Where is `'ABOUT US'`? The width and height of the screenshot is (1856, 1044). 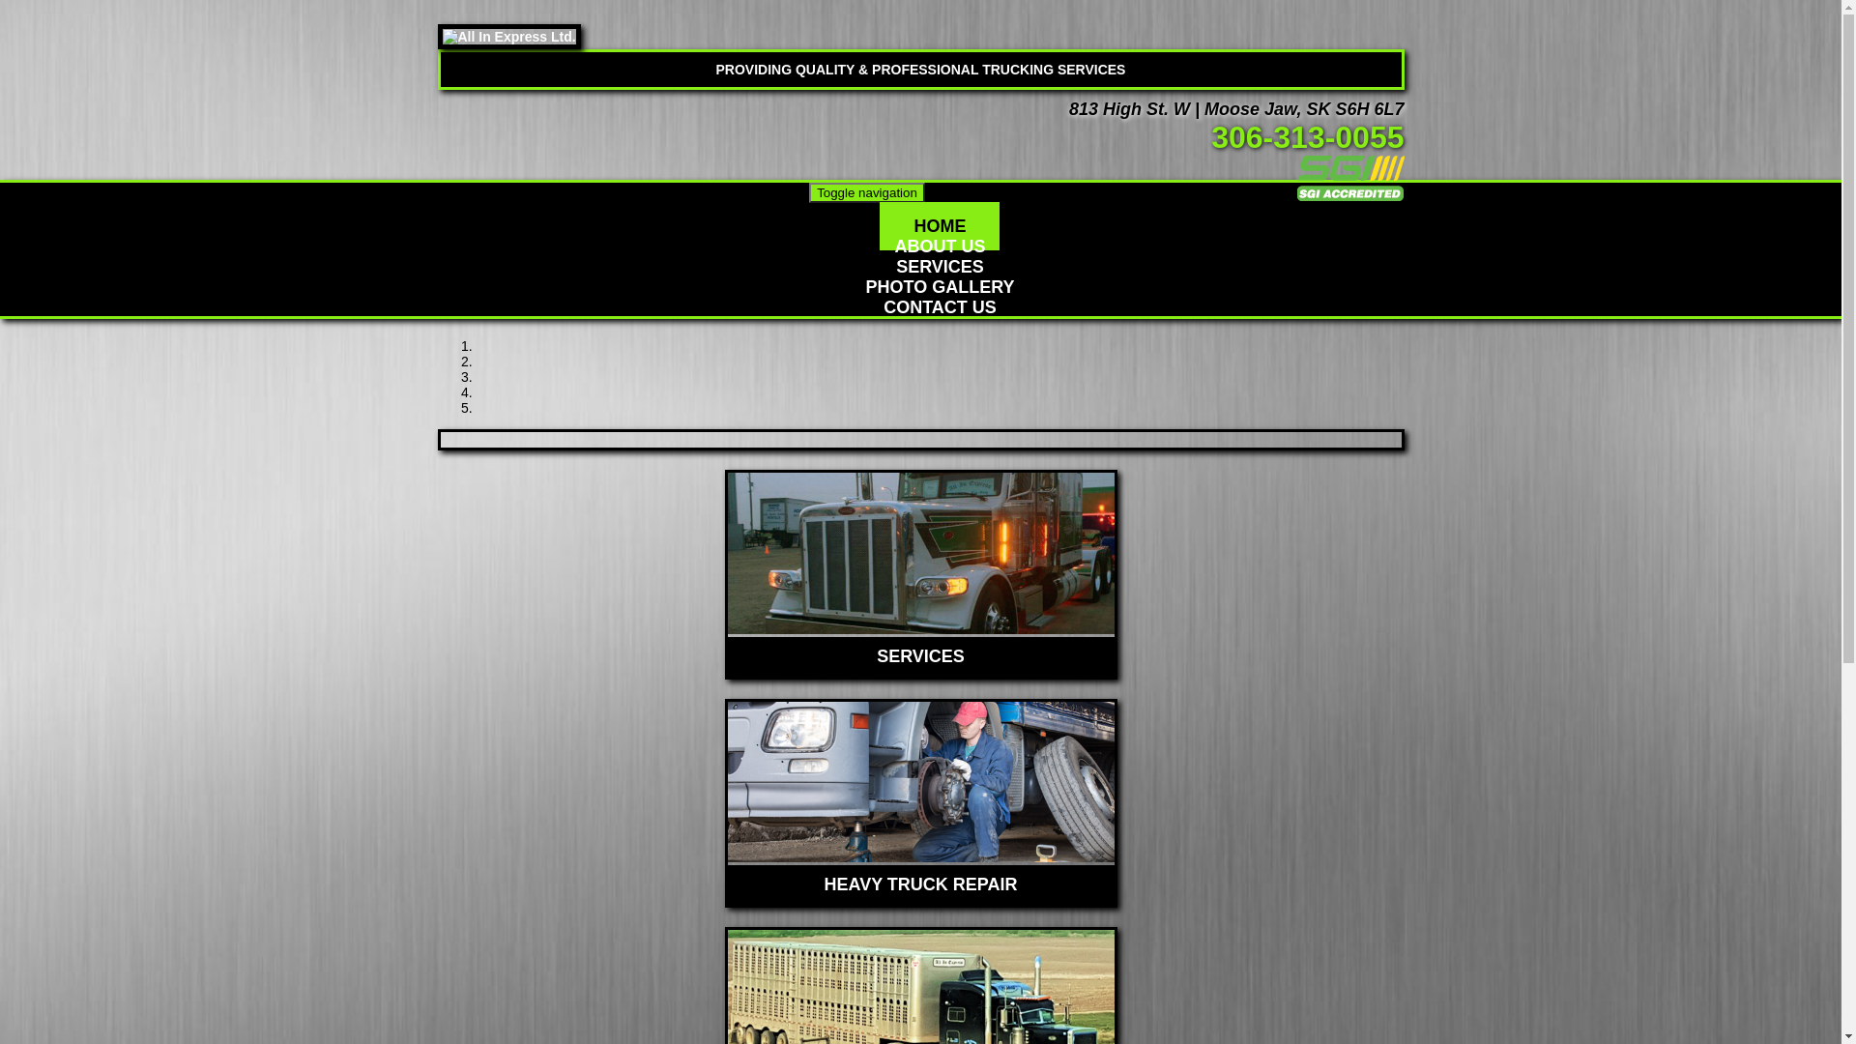 'ABOUT US' is located at coordinates (939, 245).